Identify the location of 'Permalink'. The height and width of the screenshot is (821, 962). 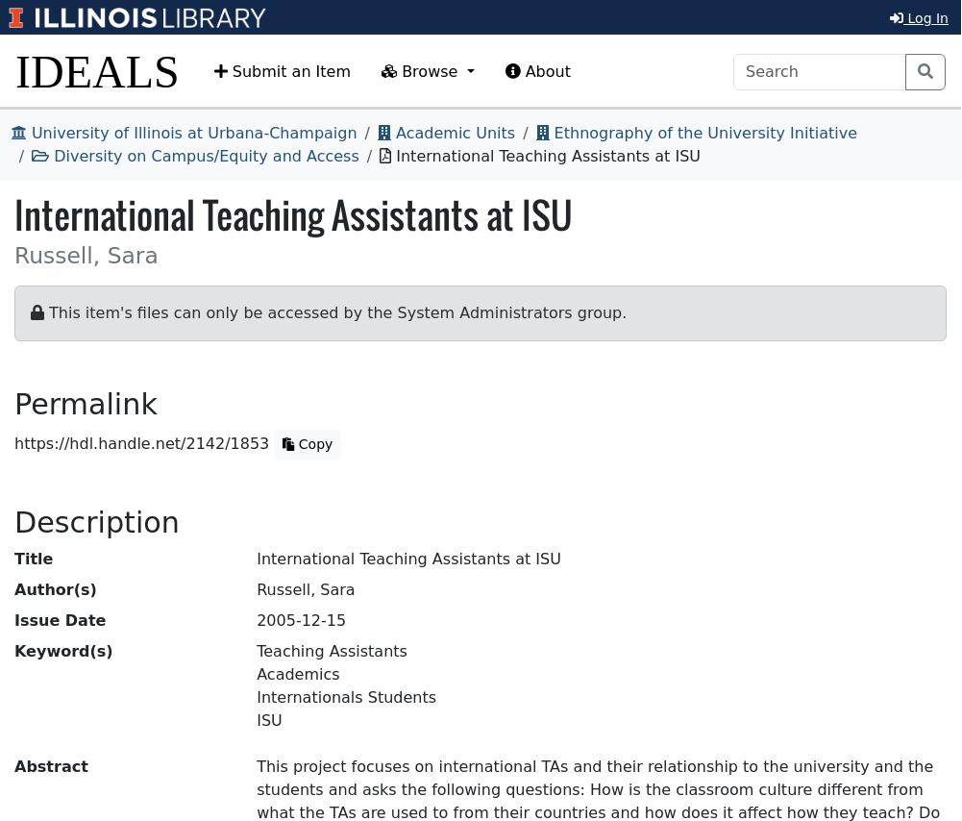
(57, 349).